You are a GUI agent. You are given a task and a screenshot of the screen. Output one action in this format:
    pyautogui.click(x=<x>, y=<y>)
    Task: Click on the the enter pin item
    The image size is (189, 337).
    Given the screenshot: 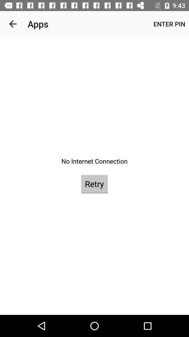 What is the action you would take?
    pyautogui.click(x=169, y=24)
    